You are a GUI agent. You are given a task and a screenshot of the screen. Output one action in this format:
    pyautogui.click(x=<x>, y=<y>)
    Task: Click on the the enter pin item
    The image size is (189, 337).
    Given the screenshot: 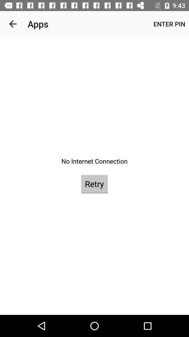 What is the action you would take?
    pyautogui.click(x=169, y=24)
    